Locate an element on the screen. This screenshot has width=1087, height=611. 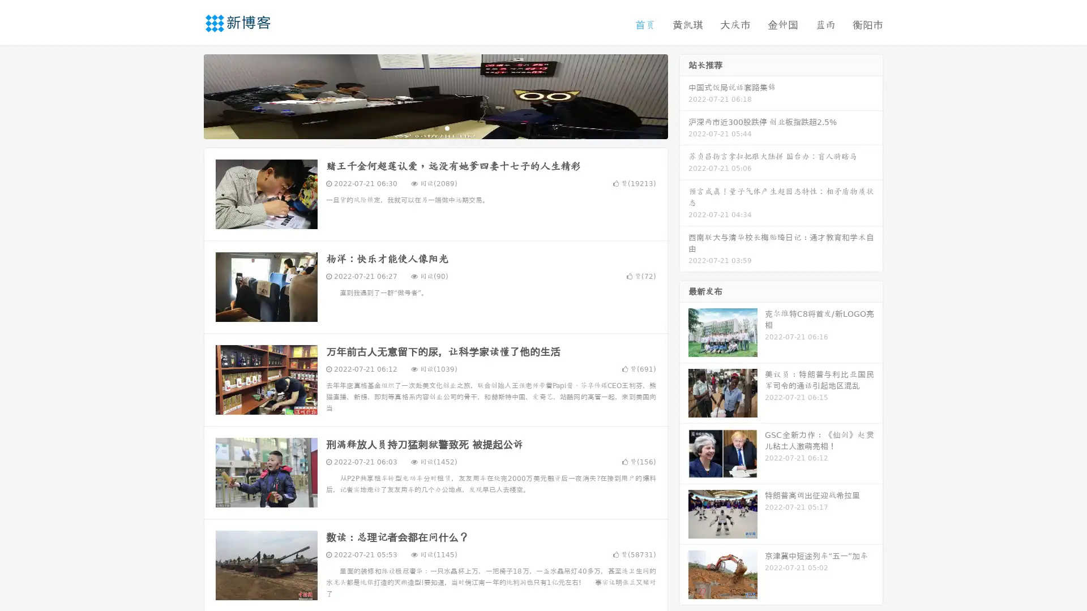
Go to slide 1 is located at coordinates (423, 127).